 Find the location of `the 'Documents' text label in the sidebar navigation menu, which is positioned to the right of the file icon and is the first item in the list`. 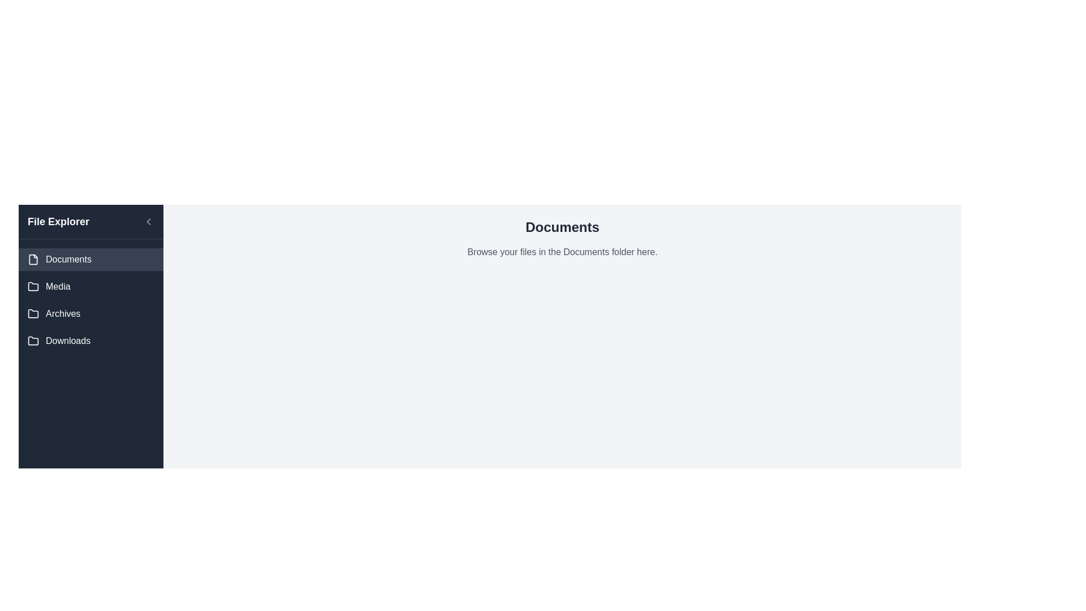

the 'Documents' text label in the sidebar navigation menu, which is positioned to the right of the file icon and is the first item in the list is located at coordinates (68, 260).